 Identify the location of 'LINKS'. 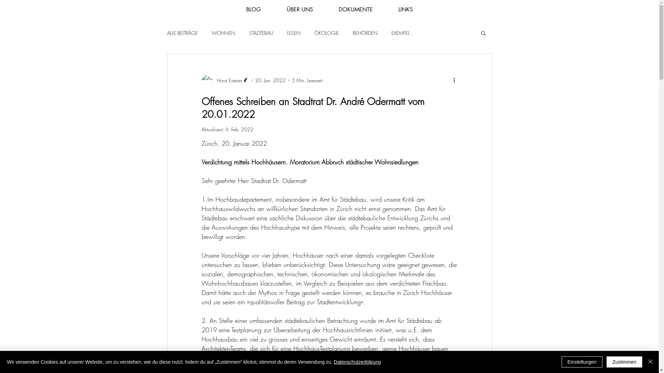
(385, 9).